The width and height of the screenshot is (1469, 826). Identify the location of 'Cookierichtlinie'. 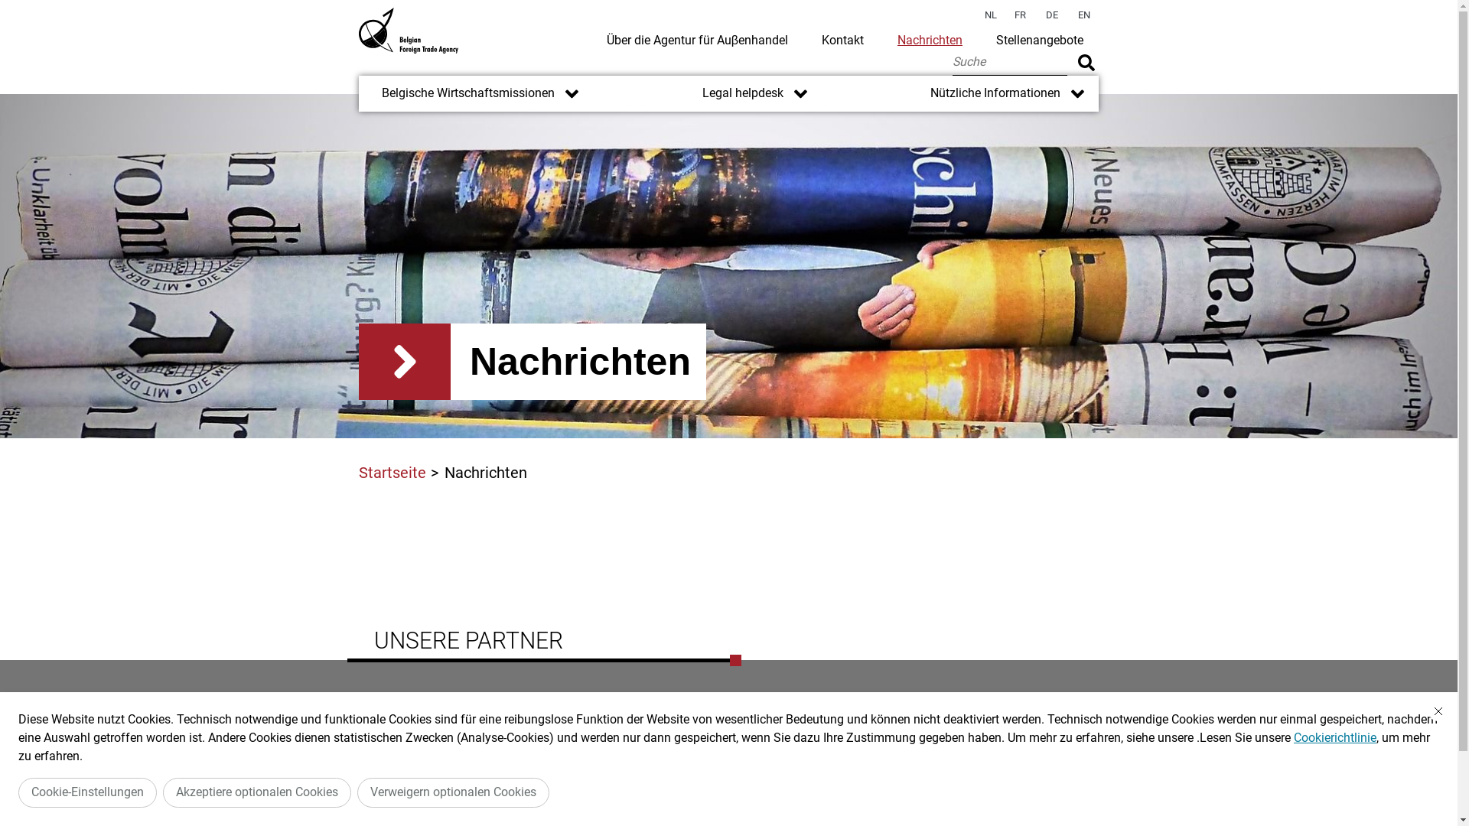
(1292, 737).